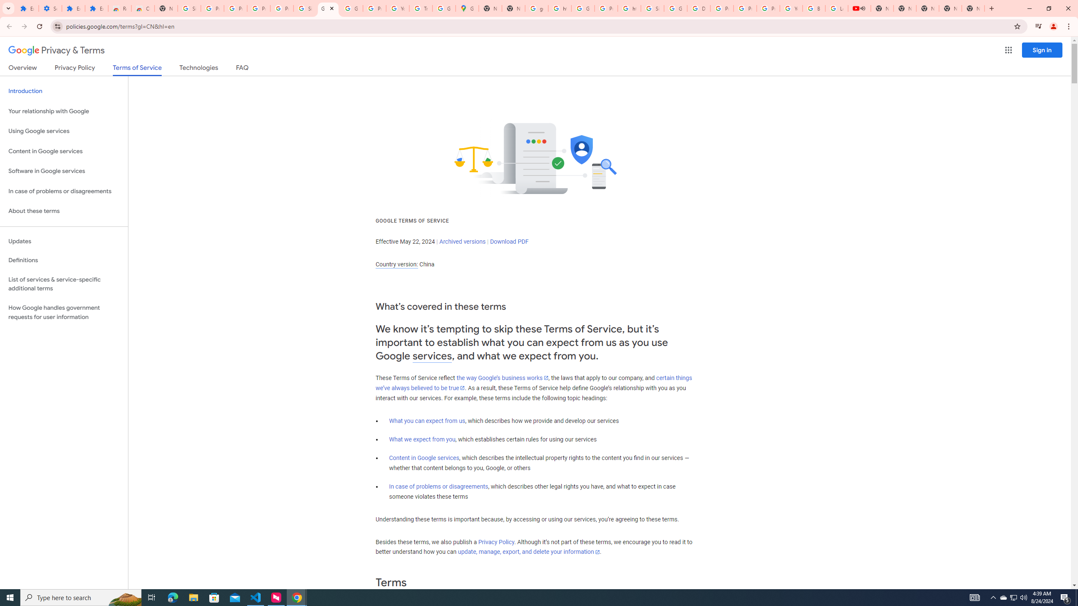  I want to click on 'YouTube', so click(791, 8).